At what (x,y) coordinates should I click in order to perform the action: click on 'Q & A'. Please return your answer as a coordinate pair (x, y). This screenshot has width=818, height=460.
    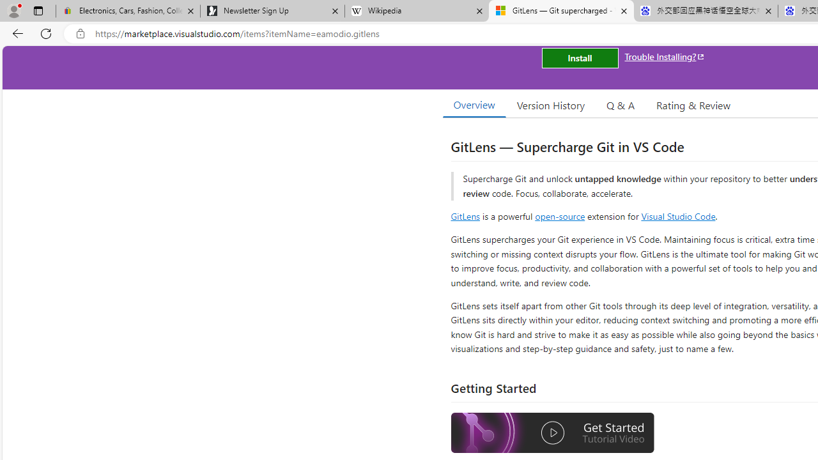
    Looking at the image, I should click on (621, 104).